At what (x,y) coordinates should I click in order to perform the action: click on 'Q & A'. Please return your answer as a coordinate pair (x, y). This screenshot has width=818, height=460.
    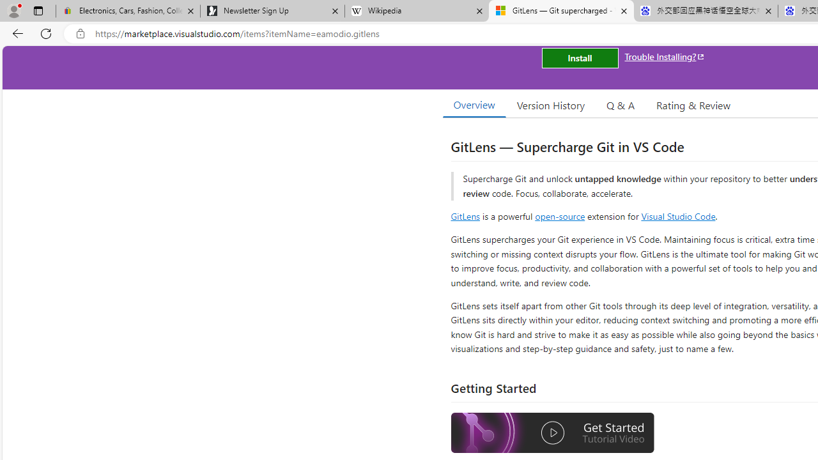
    Looking at the image, I should click on (621, 104).